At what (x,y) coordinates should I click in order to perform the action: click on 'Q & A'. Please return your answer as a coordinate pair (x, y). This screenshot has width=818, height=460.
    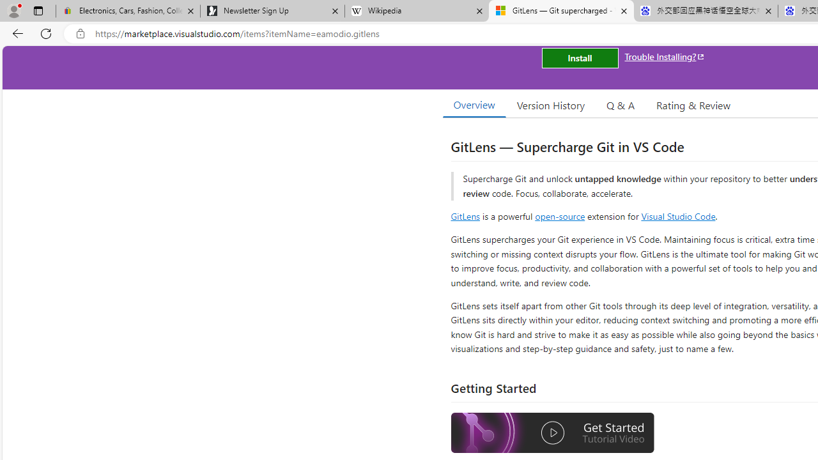
    Looking at the image, I should click on (621, 104).